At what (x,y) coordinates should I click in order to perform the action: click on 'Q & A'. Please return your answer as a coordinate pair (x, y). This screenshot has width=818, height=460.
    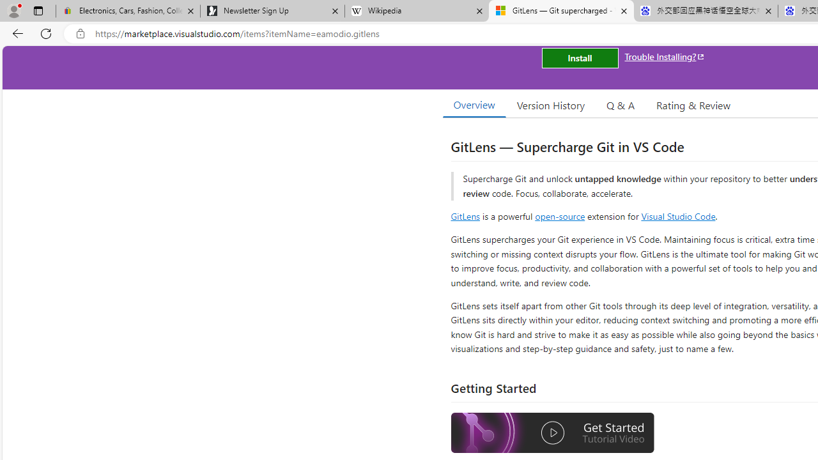
    Looking at the image, I should click on (621, 104).